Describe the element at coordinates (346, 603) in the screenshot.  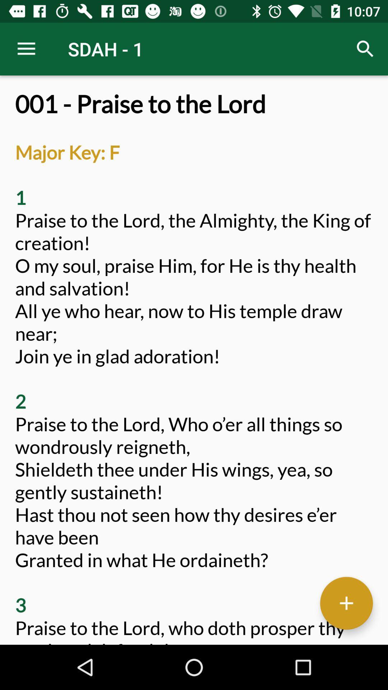
I see `hymn` at that location.